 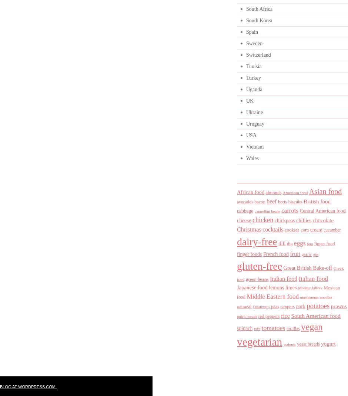 What do you see at coordinates (315, 316) in the screenshot?
I see `'South American food'` at bounding box center [315, 316].